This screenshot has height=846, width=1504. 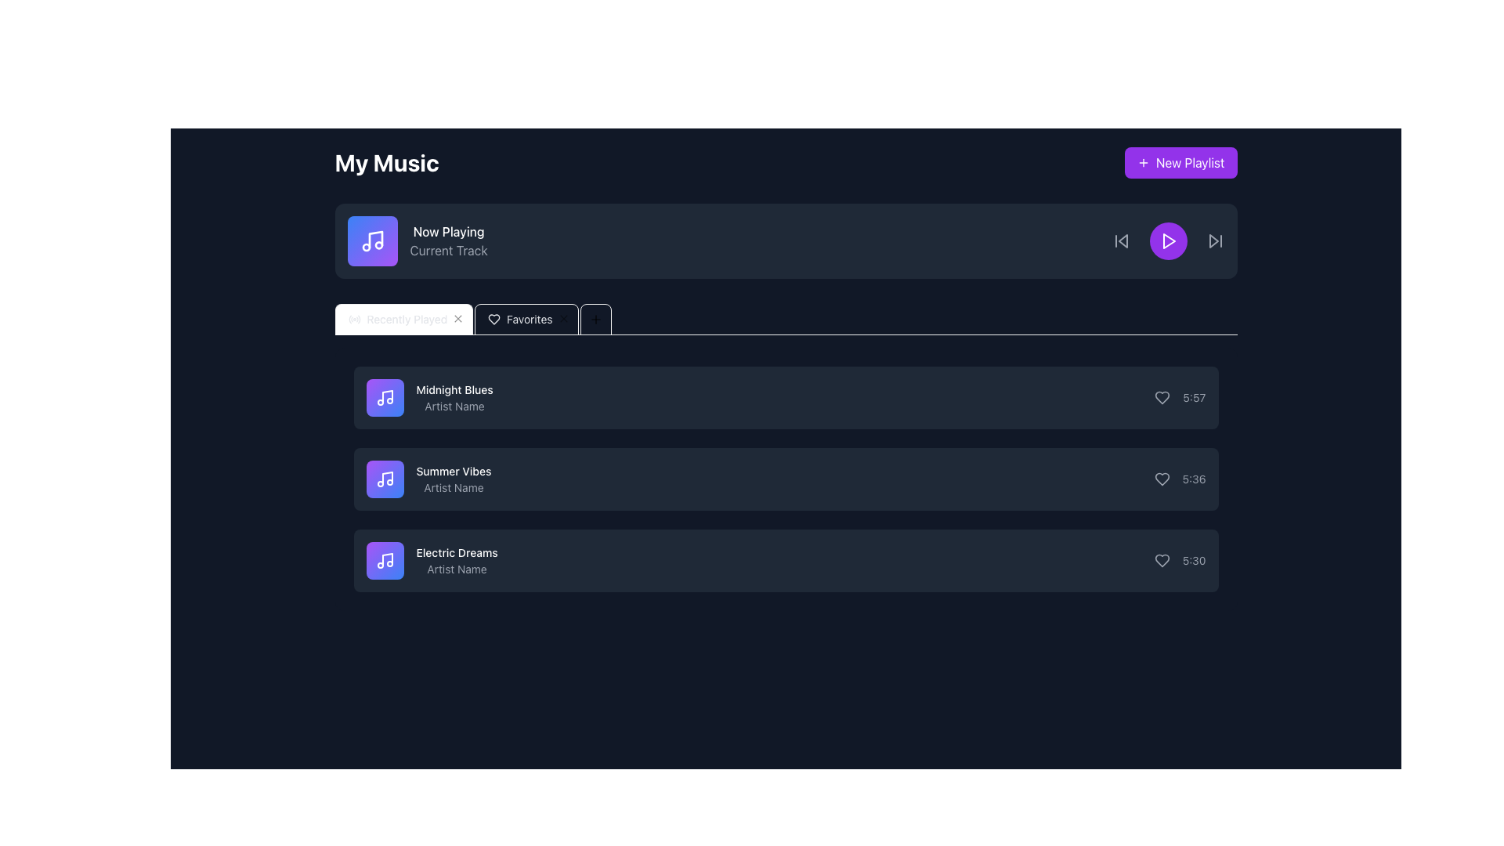 What do you see at coordinates (403, 334) in the screenshot?
I see `the Active tab indicator, which is a thin horizontal line located directly below the 'Recently Played' tab in the tab navigation component` at bounding box center [403, 334].